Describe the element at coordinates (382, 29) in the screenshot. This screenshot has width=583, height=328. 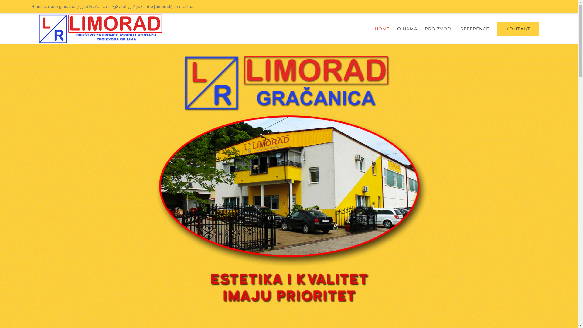
I see `'HOME'` at that location.